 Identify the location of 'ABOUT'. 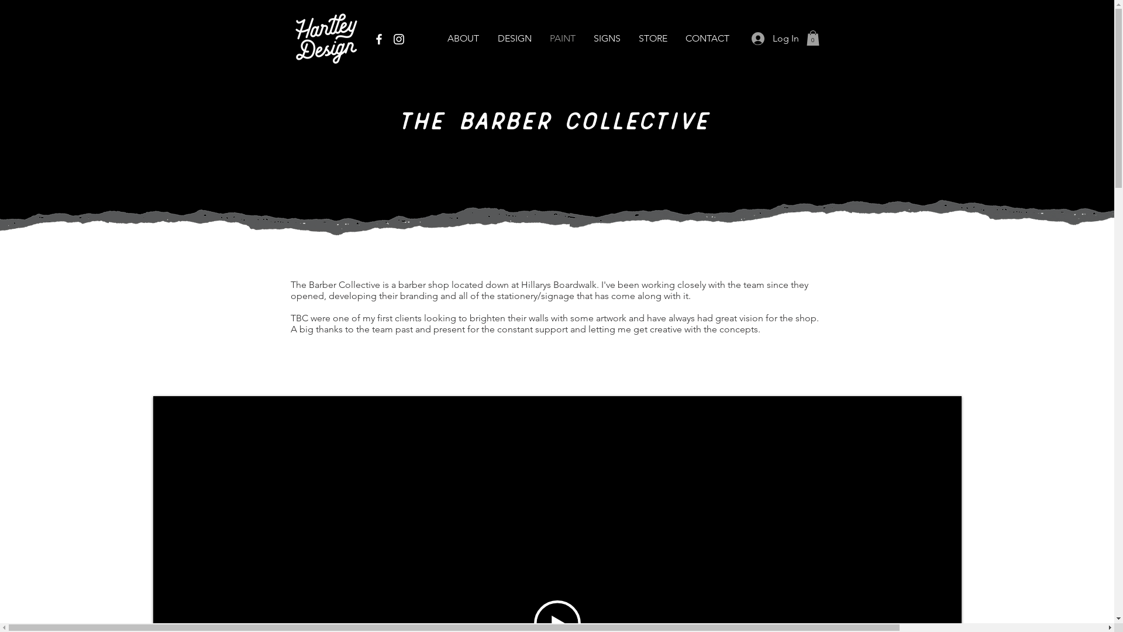
(462, 37).